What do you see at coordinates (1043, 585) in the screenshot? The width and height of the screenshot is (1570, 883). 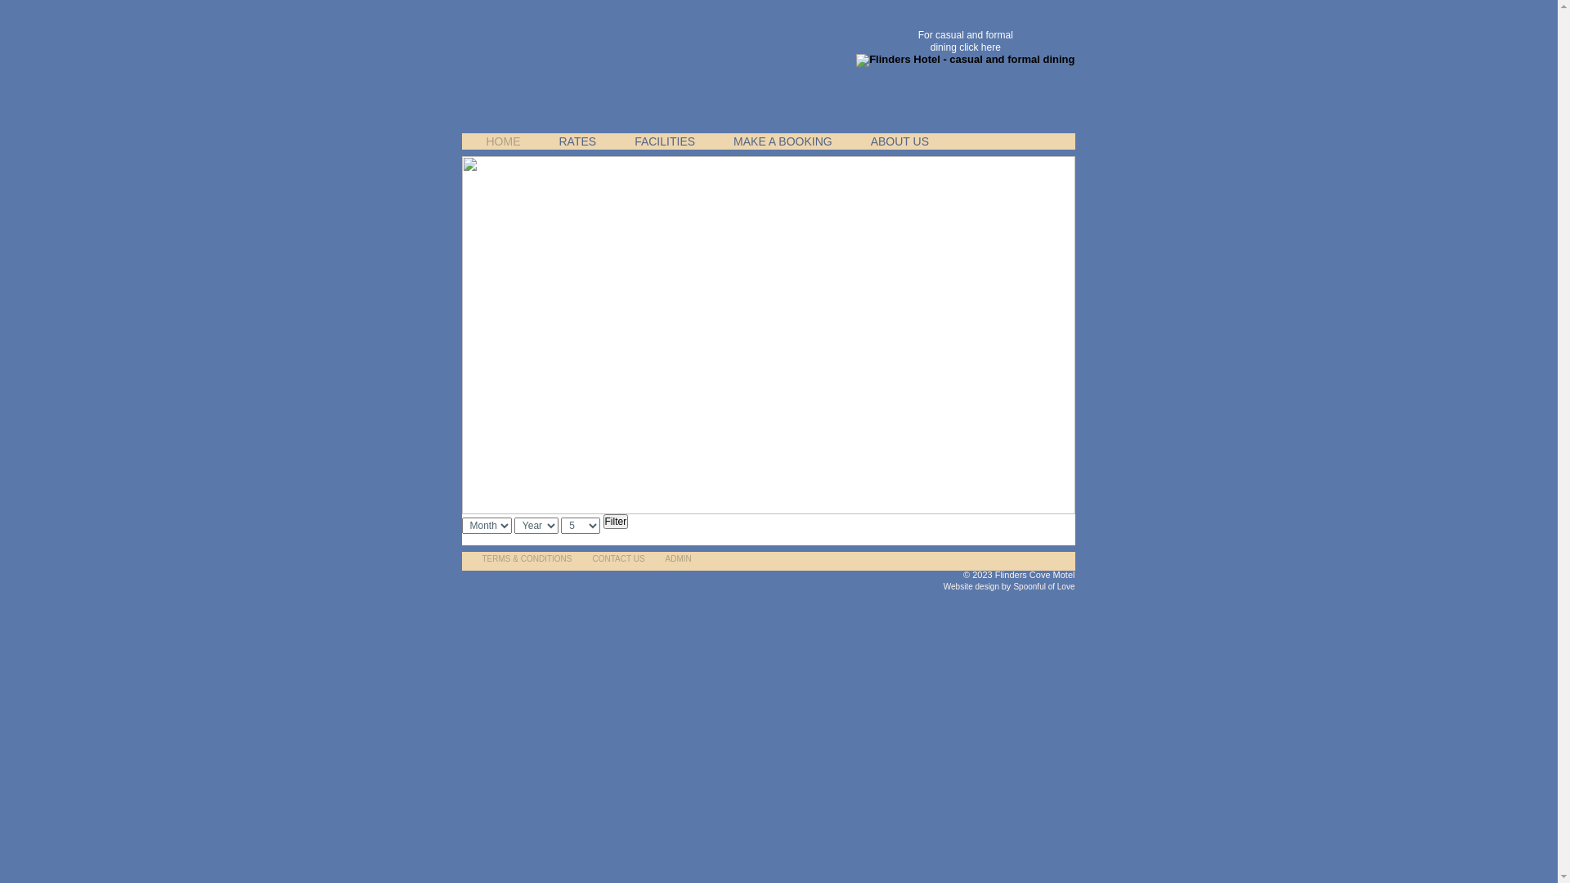 I see `'Spoonful of Love'` at bounding box center [1043, 585].